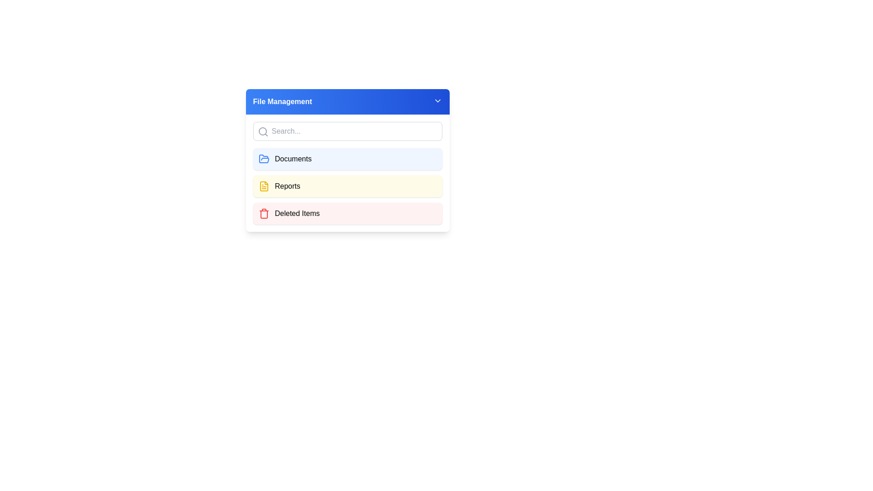 This screenshot has width=873, height=491. Describe the element at coordinates (262, 131) in the screenshot. I see `the circular SVG element that represents the lens of the magnifying glass icon located to the left of the search input box in the 'File Management' section` at that location.